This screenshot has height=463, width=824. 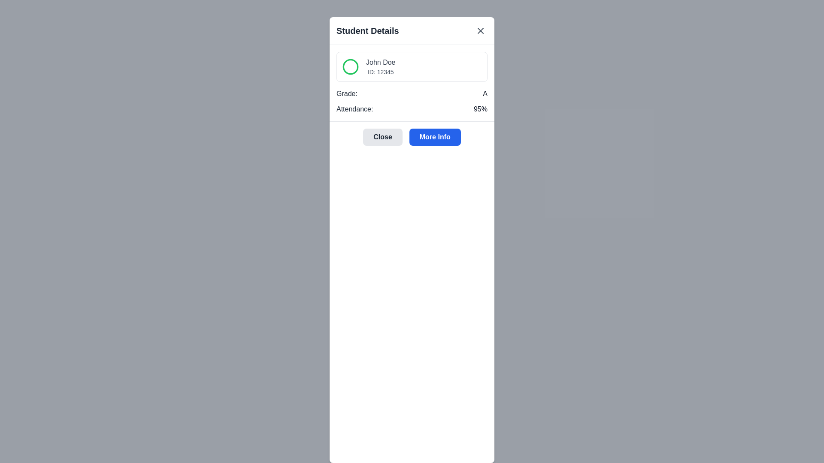 What do you see at coordinates (347, 94) in the screenshot?
I see `the non-interactive Text Label located in the 'Student Details' section, which identifies the meaning of the adjacent grade value` at bounding box center [347, 94].